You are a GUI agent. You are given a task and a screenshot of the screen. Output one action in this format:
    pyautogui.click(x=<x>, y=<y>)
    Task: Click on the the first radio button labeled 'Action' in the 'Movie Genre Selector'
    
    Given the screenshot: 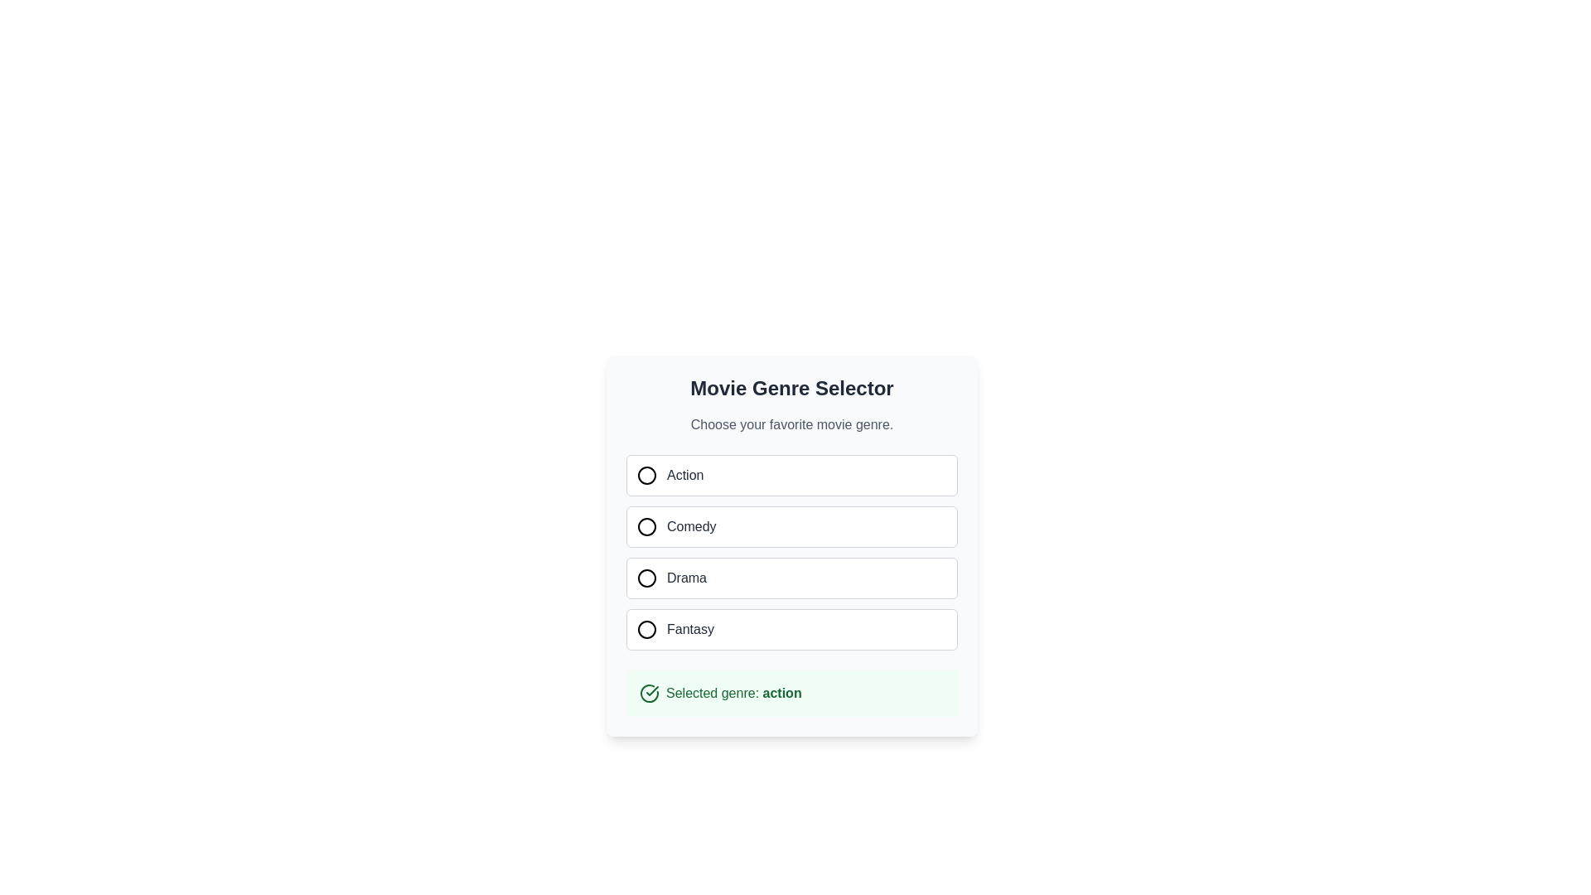 What is the action you would take?
    pyautogui.click(x=791, y=476)
    